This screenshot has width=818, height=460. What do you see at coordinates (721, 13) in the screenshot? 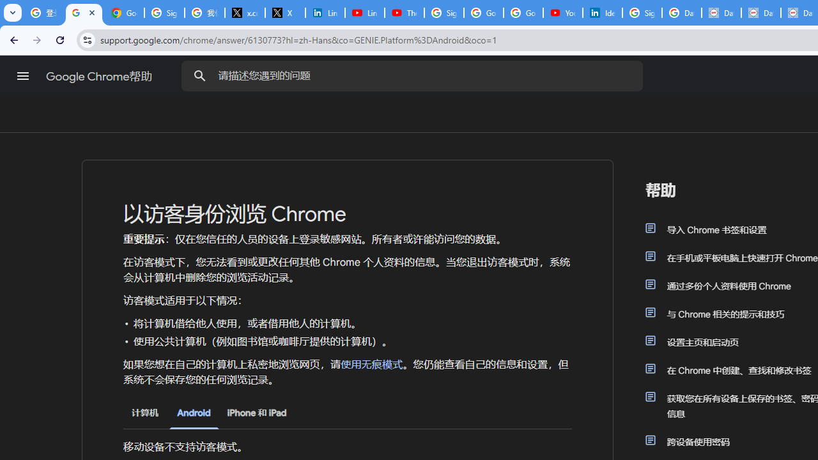
I see `'Data Privacy Framework'` at bounding box center [721, 13].